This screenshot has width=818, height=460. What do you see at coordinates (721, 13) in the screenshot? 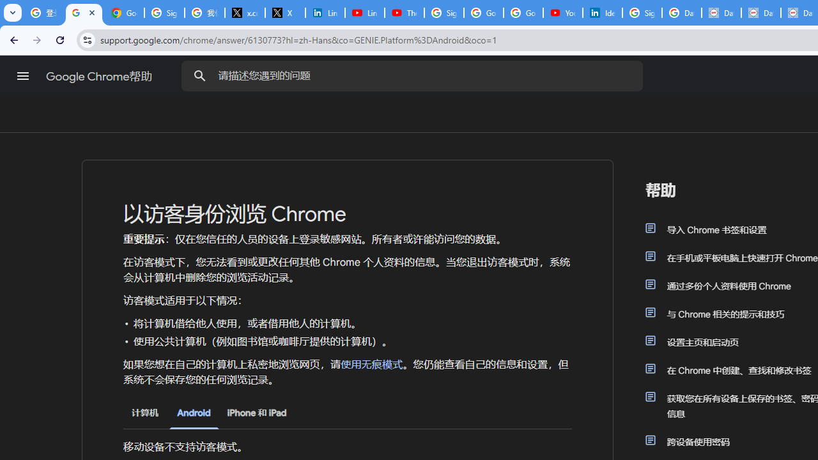
I see `'Data Privacy Framework'` at bounding box center [721, 13].